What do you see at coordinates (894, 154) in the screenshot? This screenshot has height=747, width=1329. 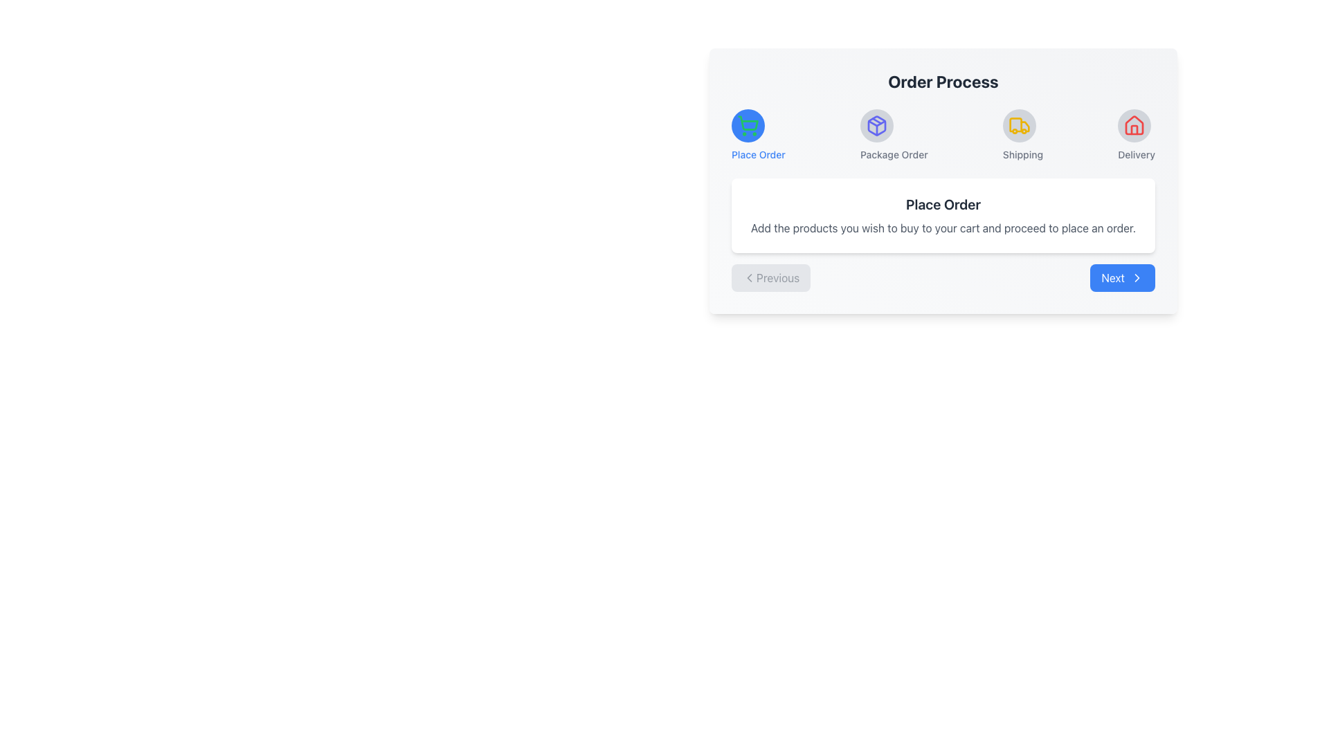 I see `the text label beneath the 'Package Order' icon in the navigation bar` at bounding box center [894, 154].